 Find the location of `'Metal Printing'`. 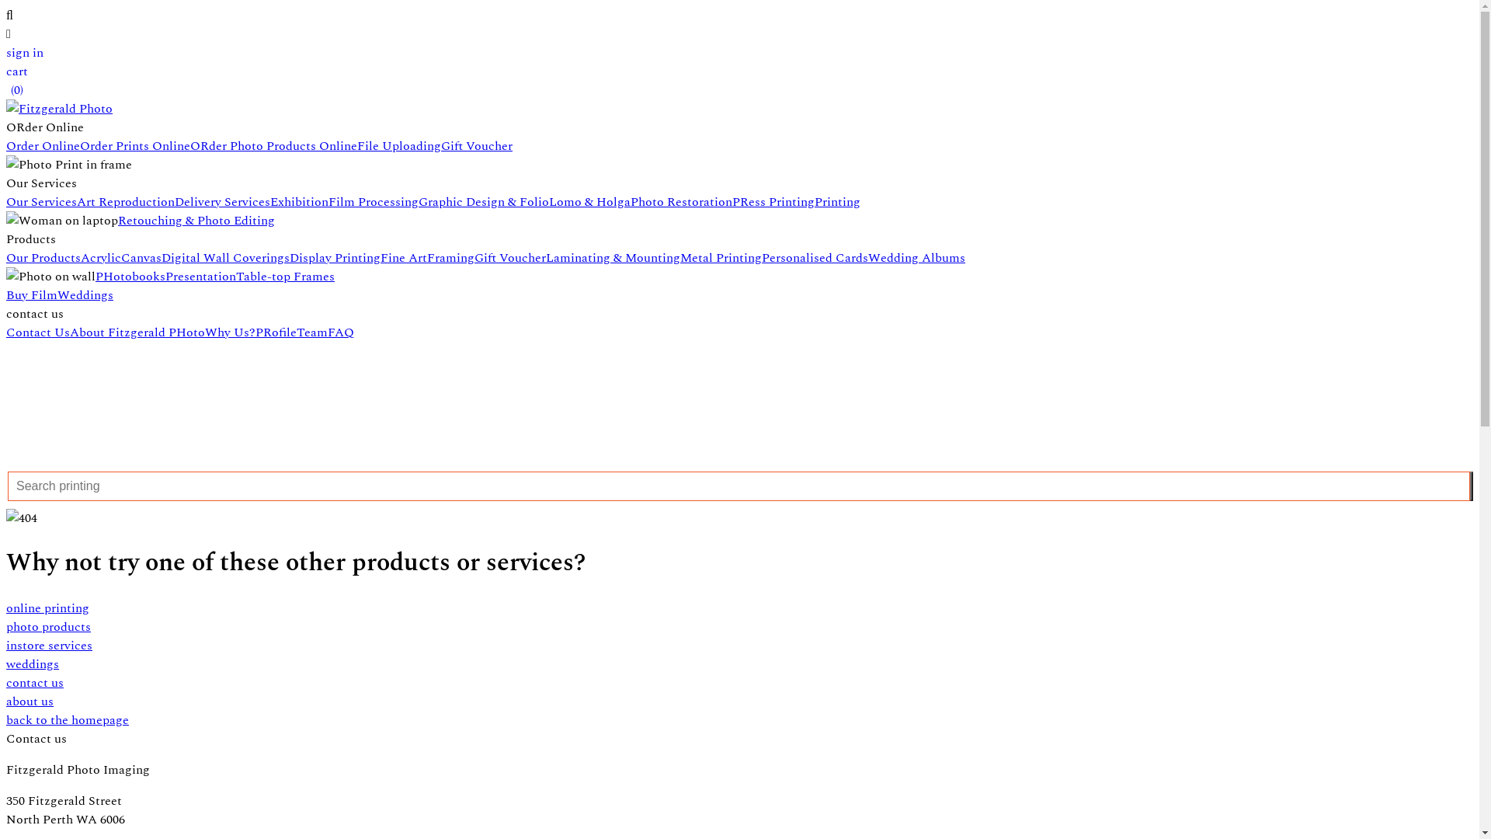

'Metal Printing' is located at coordinates (720, 256).